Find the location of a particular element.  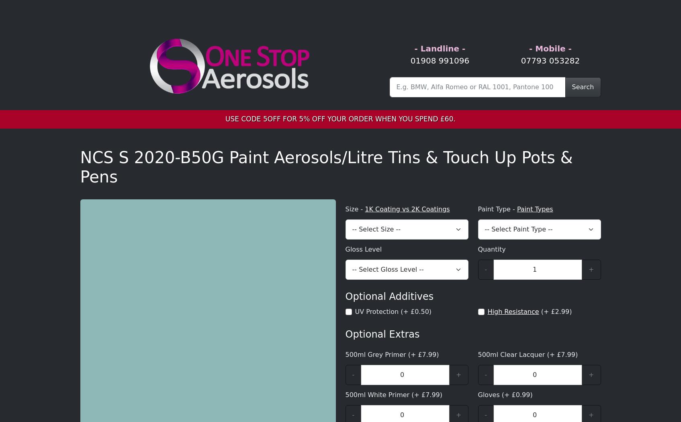

'#8CB9B7' is located at coordinates (192, 135).